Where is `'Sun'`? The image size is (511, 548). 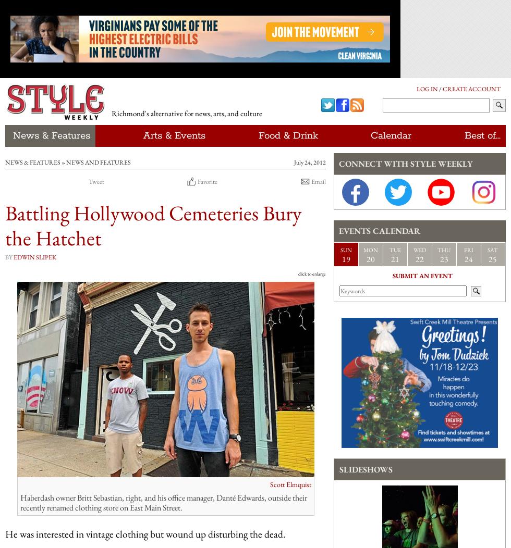
'Sun' is located at coordinates (345, 250).